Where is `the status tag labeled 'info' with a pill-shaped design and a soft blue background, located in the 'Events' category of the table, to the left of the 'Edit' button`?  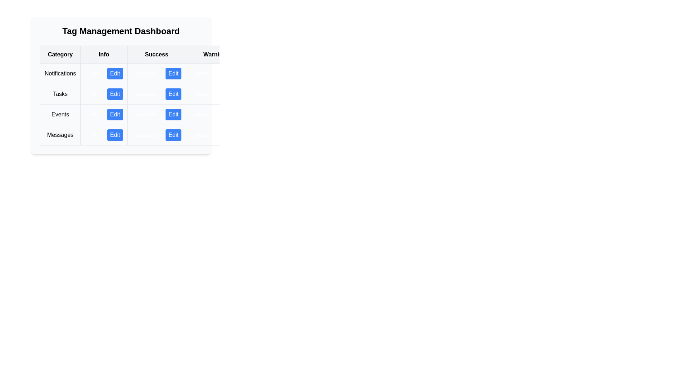
the status tag labeled 'info' with a pill-shaped design and a soft blue background, located in the 'Events' category of the table, to the left of the 'Edit' button is located at coordinates (94, 114).